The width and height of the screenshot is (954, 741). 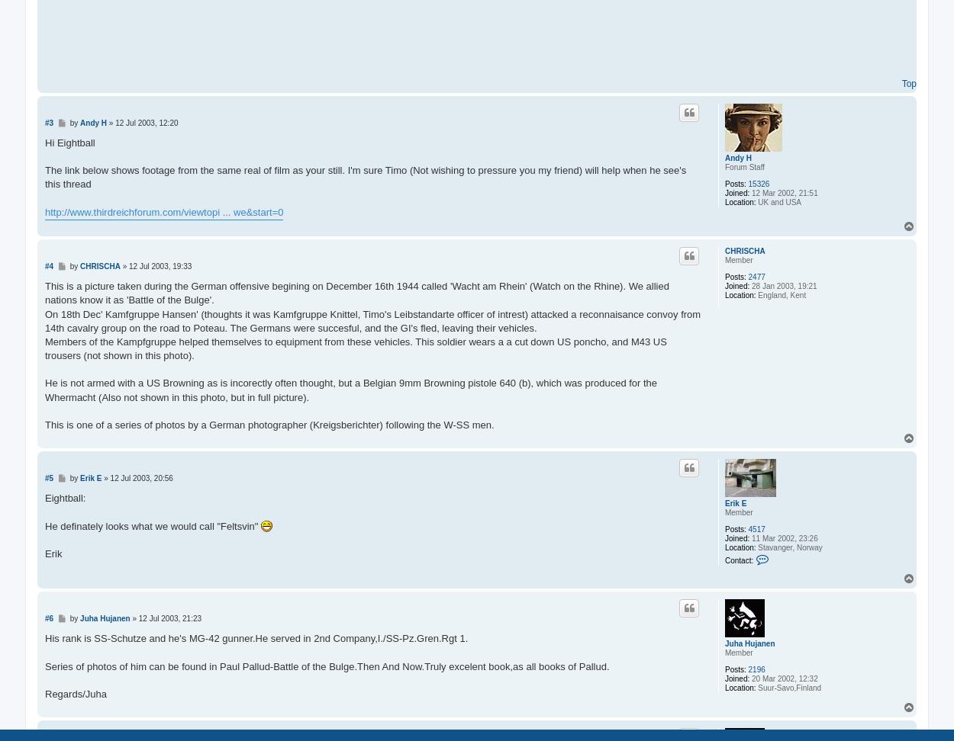 What do you see at coordinates (48, 617) in the screenshot?
I see `'#6'` at bounding box center [48, 617].